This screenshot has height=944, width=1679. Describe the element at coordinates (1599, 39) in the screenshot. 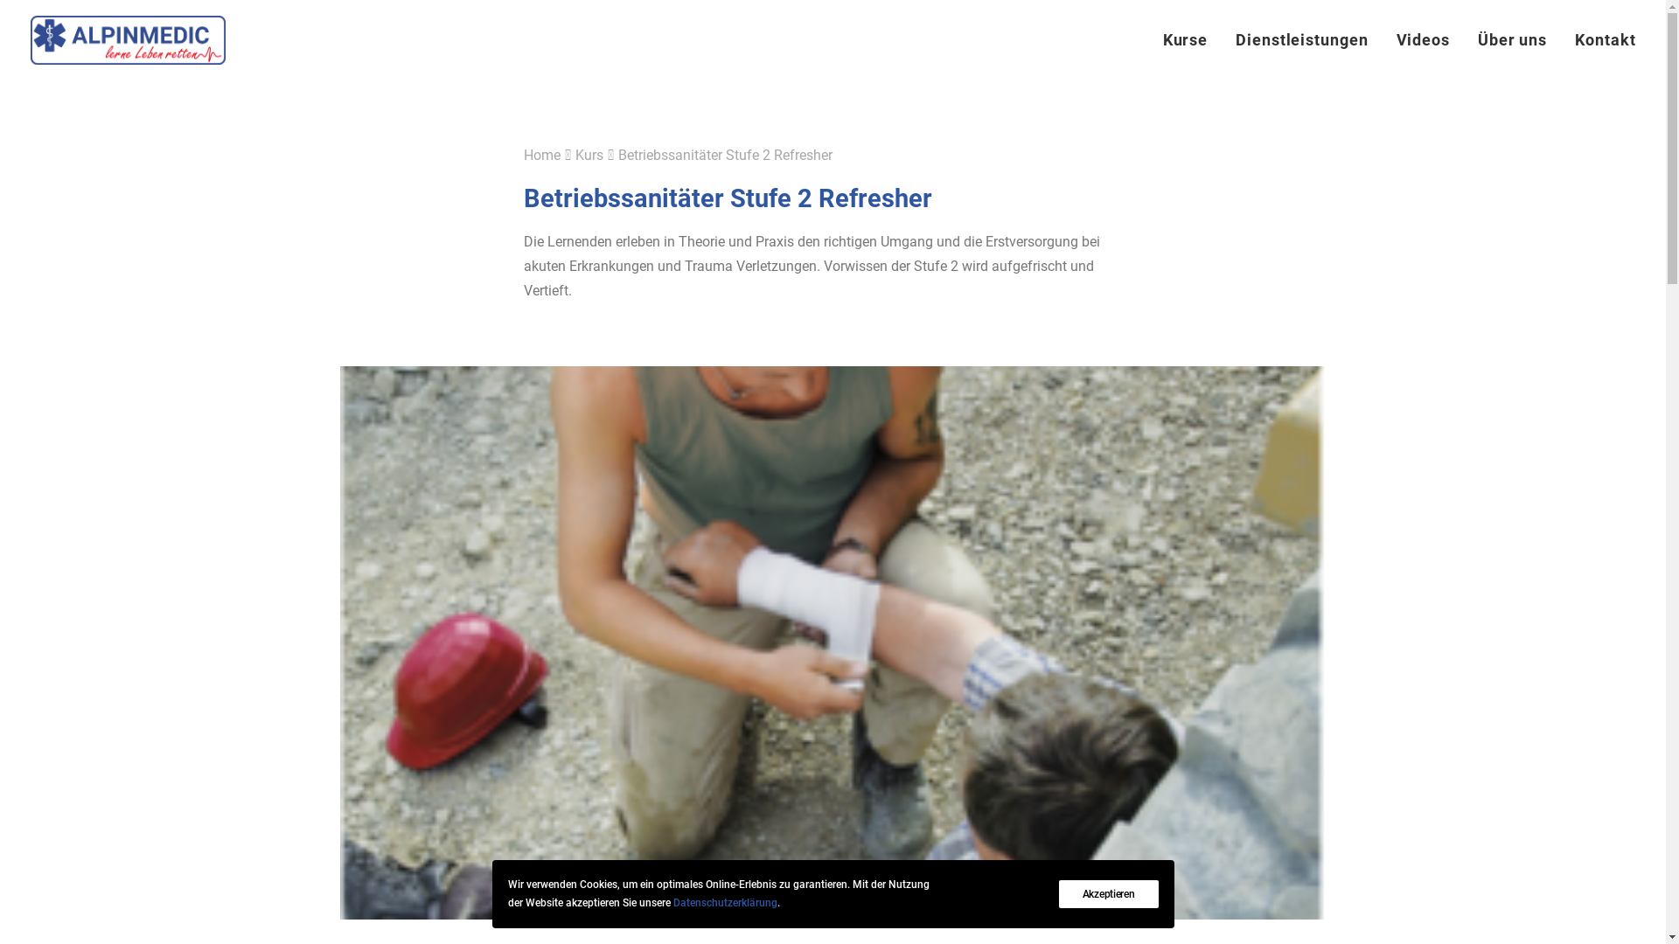

I see `'Kontakt'` at that location.